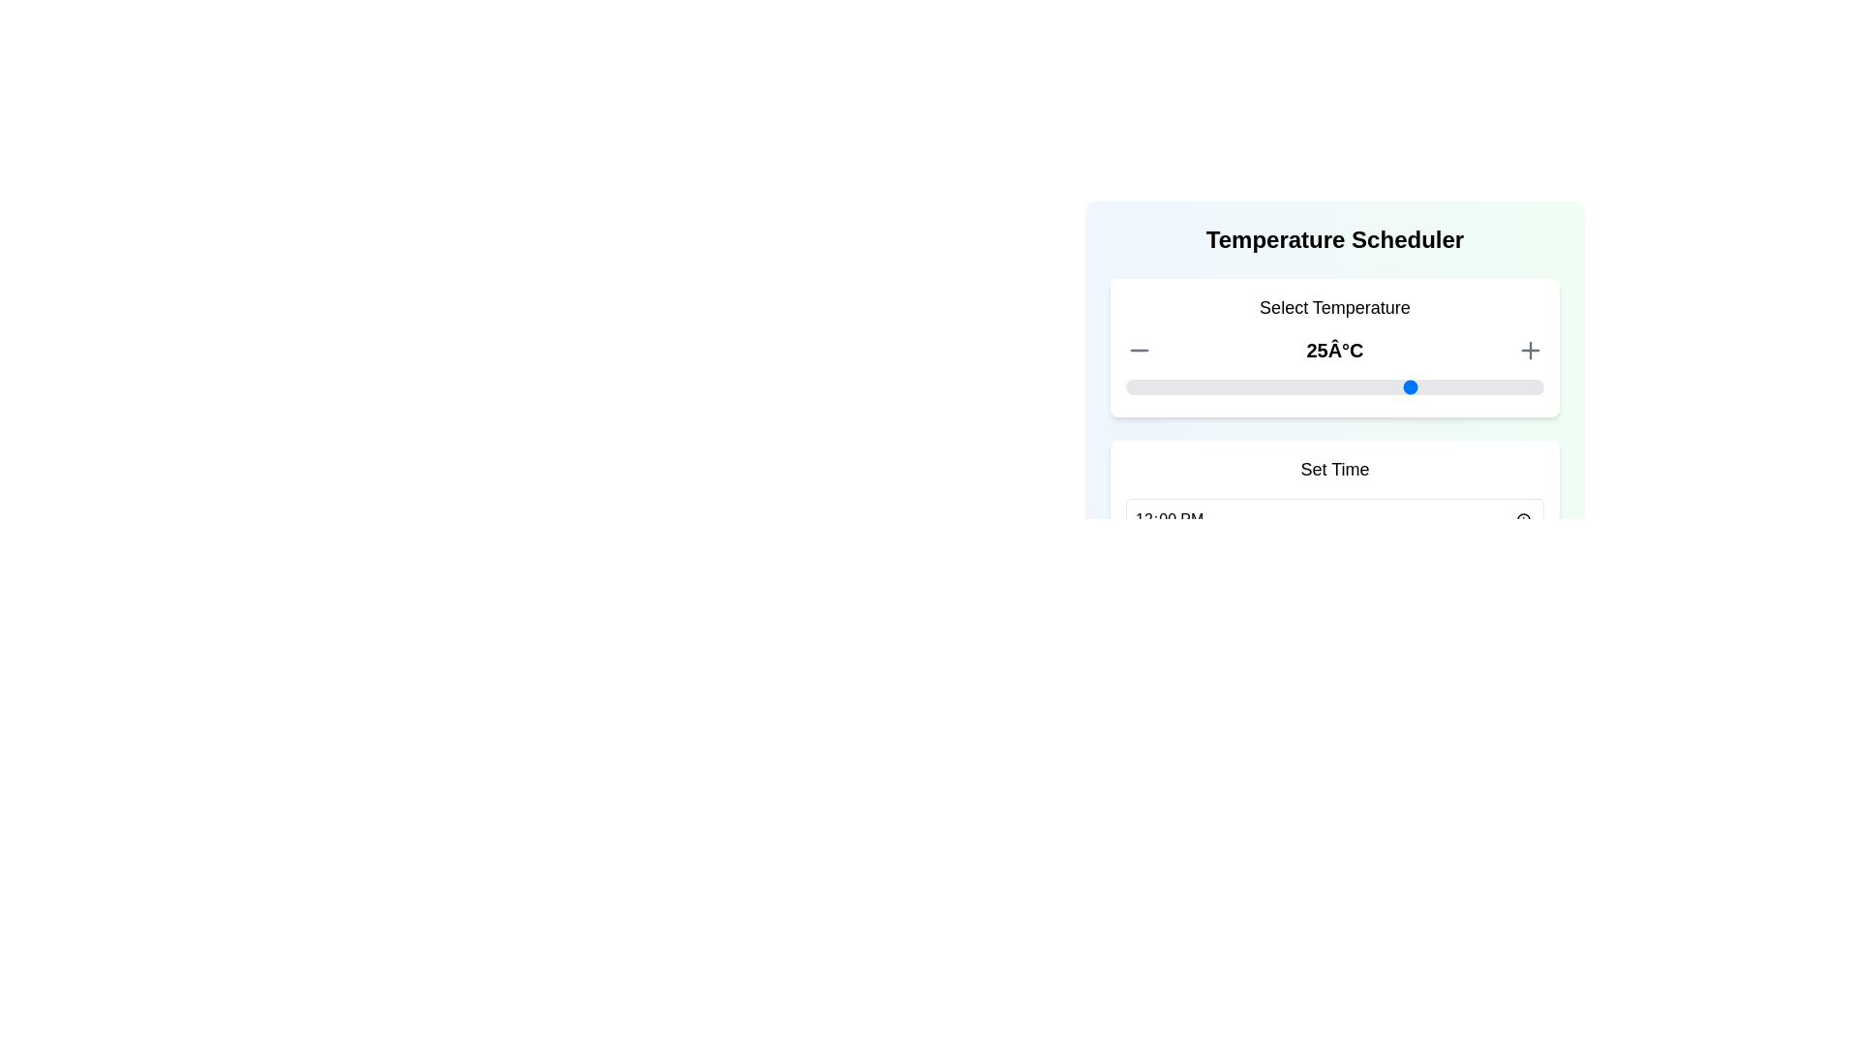 This screenshot has width=1859, height=1046. What do you see at coordinates (1413, 387) in the screenshot?
I see `the temperature slider` at bounding box center [1413, 387].